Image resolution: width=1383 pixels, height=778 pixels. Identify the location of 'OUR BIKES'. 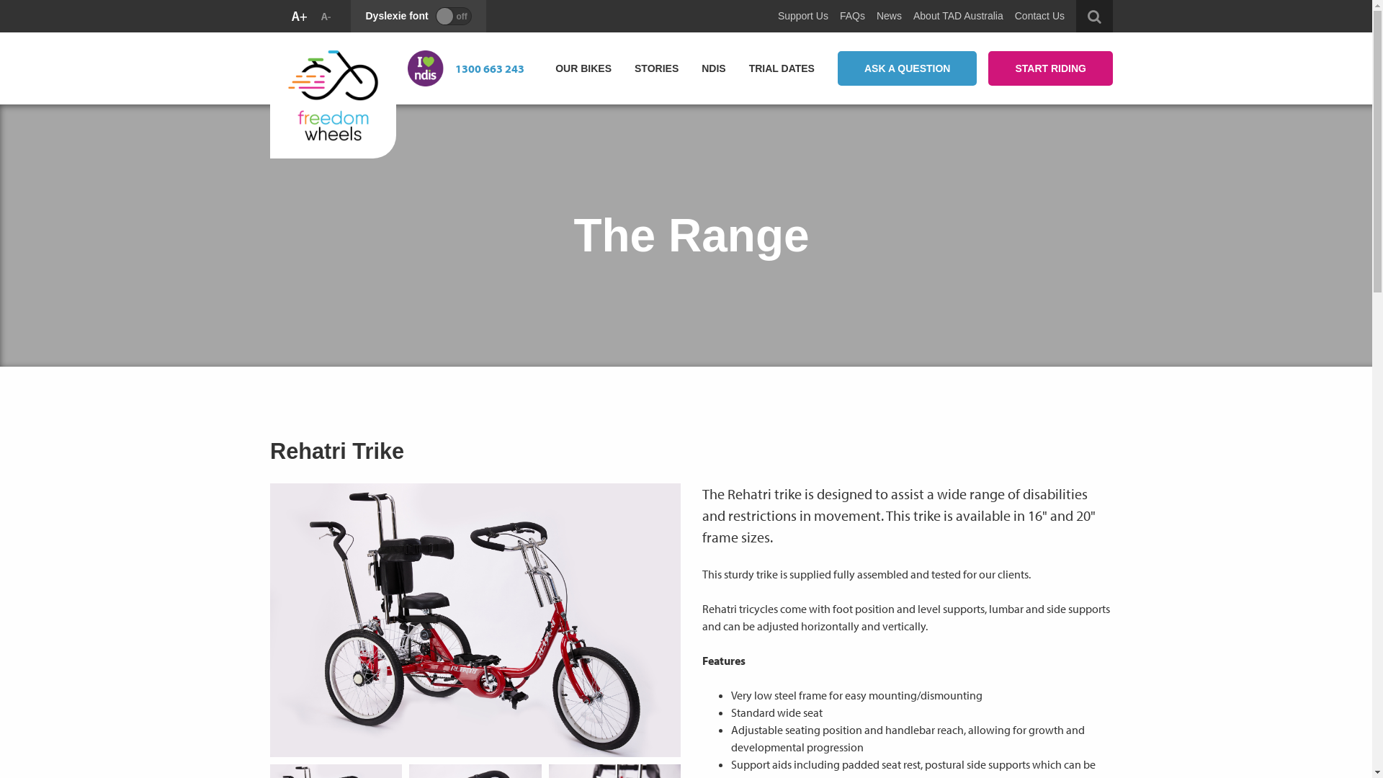
(583, 68).